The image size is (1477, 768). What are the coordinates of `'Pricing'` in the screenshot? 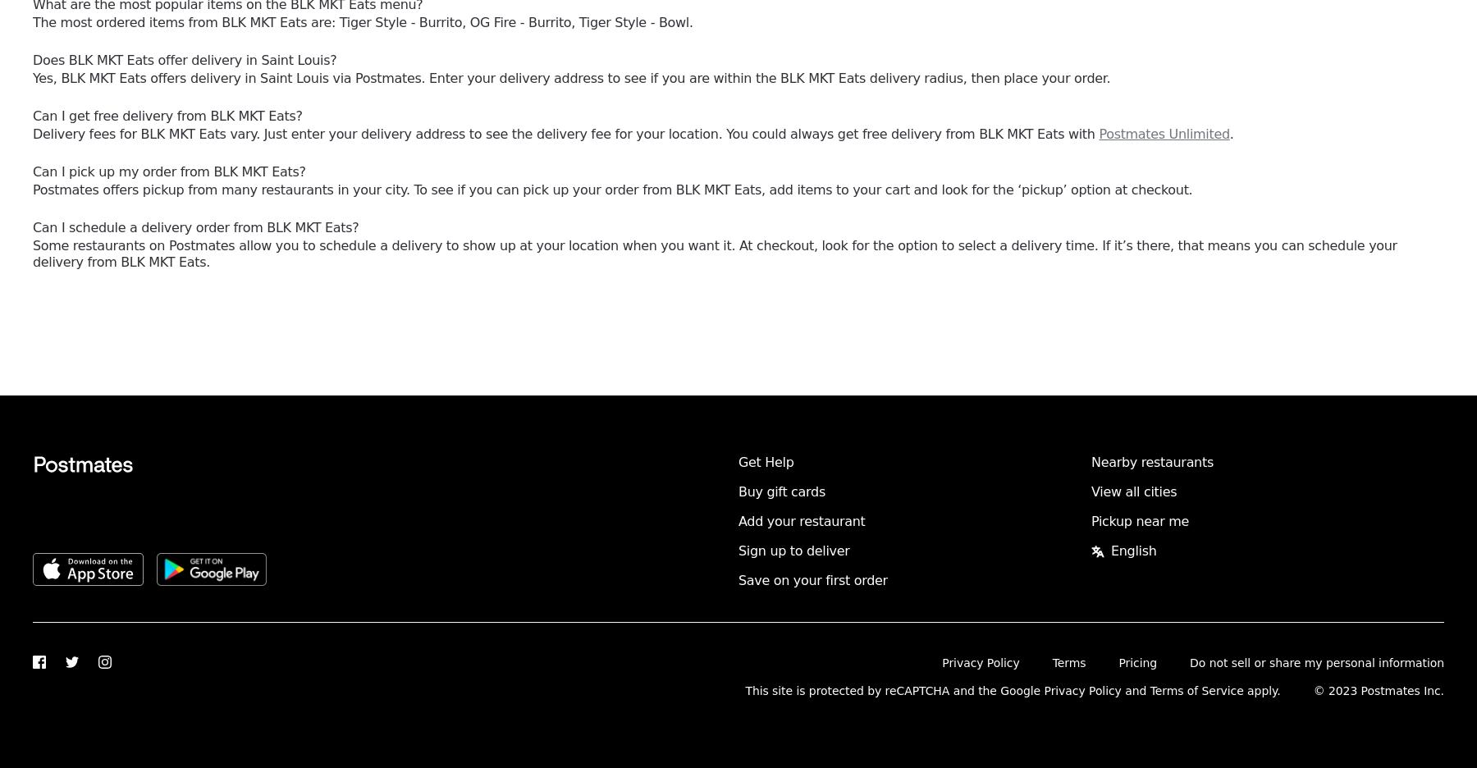 It's located at (1117, 661).